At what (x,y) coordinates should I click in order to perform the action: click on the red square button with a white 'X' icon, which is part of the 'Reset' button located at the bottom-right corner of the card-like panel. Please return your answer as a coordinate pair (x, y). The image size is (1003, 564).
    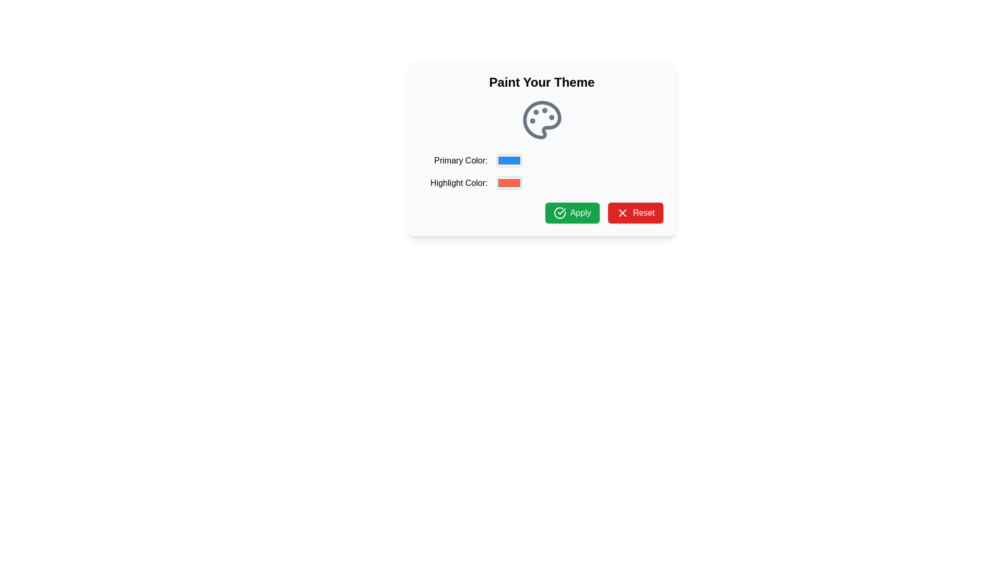
    Looking at the image, I should click on (622, 213).